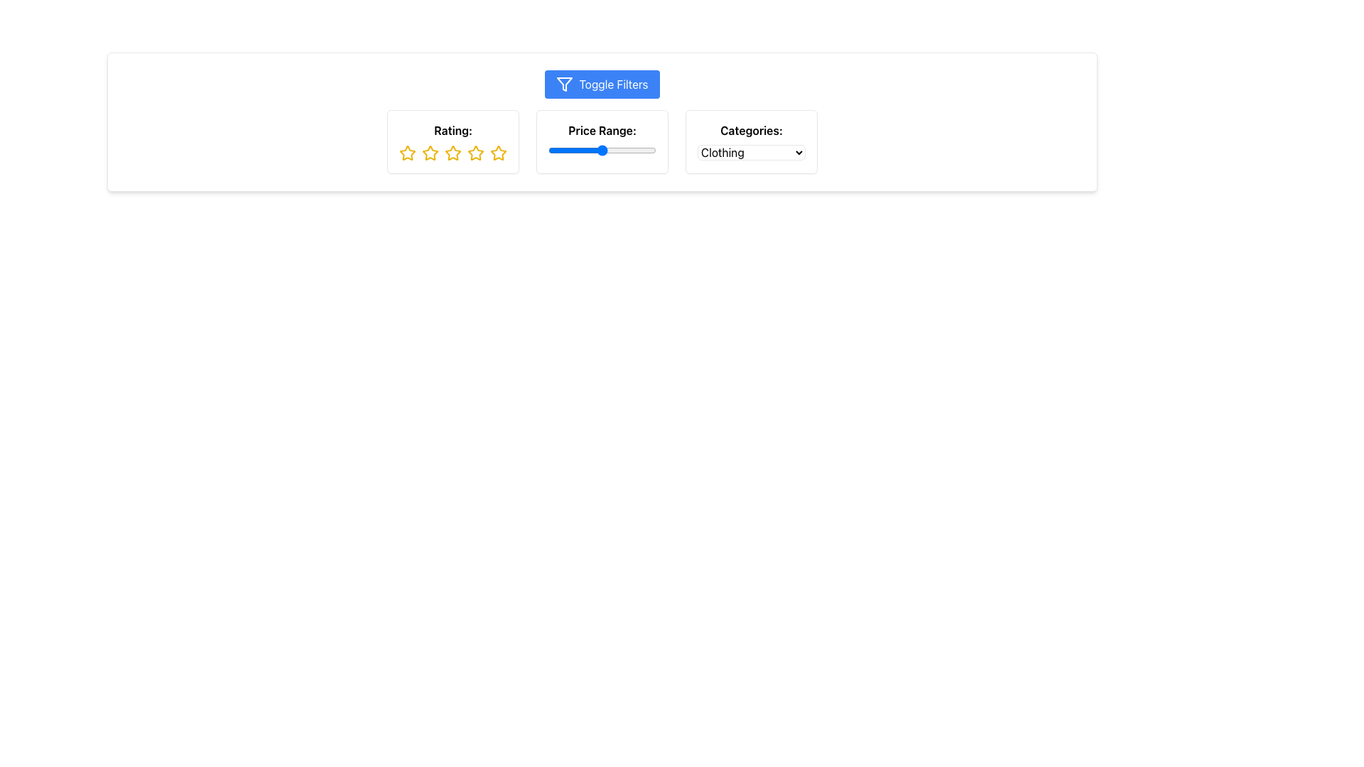 This screenshot has height=767, width=1364. I want to click on the price range slider, so click(613, 151).